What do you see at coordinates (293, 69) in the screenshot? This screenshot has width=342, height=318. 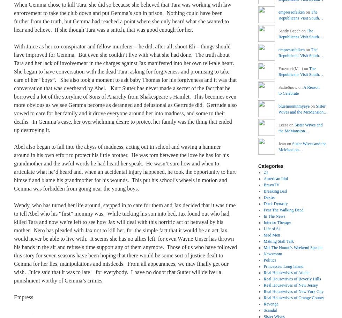 I see `'Foxymel(Mel) on'` at bounding box center [293, 69].